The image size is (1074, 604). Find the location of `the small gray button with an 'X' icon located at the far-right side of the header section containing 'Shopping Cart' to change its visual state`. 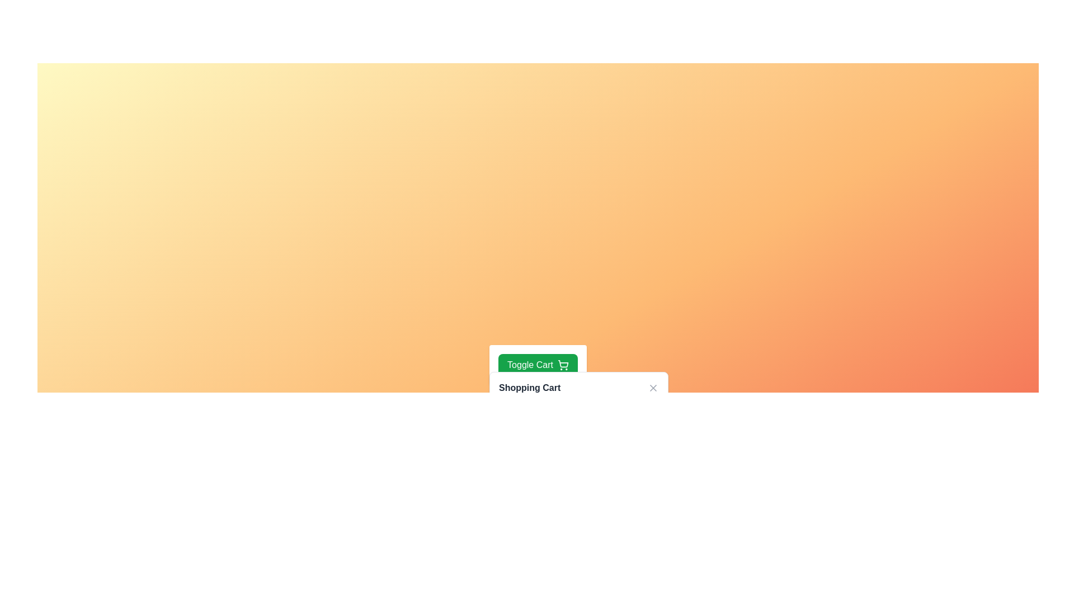

the small gray button with an 'X' icon located at the far-right side of the header section containing 'Shopping Cart' to change its visual state is located at coordinates (653, 388).